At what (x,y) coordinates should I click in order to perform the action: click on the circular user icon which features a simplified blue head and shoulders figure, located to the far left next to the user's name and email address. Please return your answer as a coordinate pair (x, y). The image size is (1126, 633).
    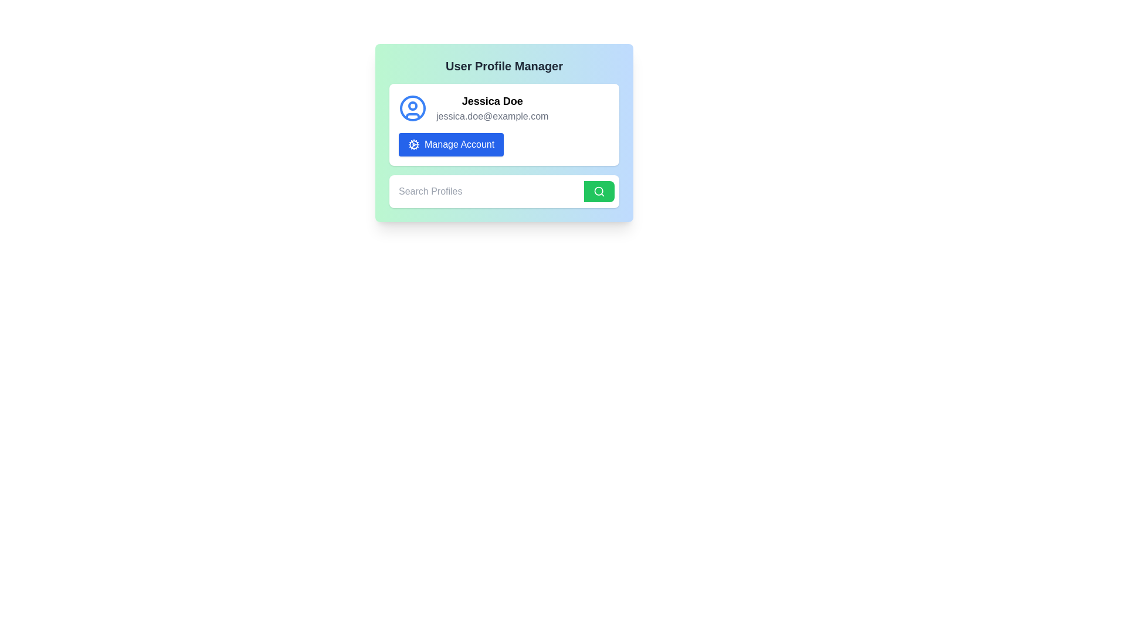
    Looking at the image, I should click on (413, 108).